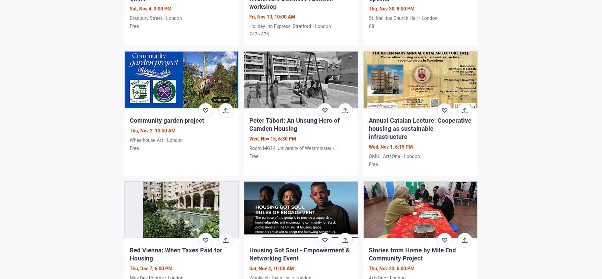 The height and width of the screenshot is (279, 602). I want to click on 'Annual Catalan Lecture: Cooperative housing as sustainable infrastructure', so click(420, 128).